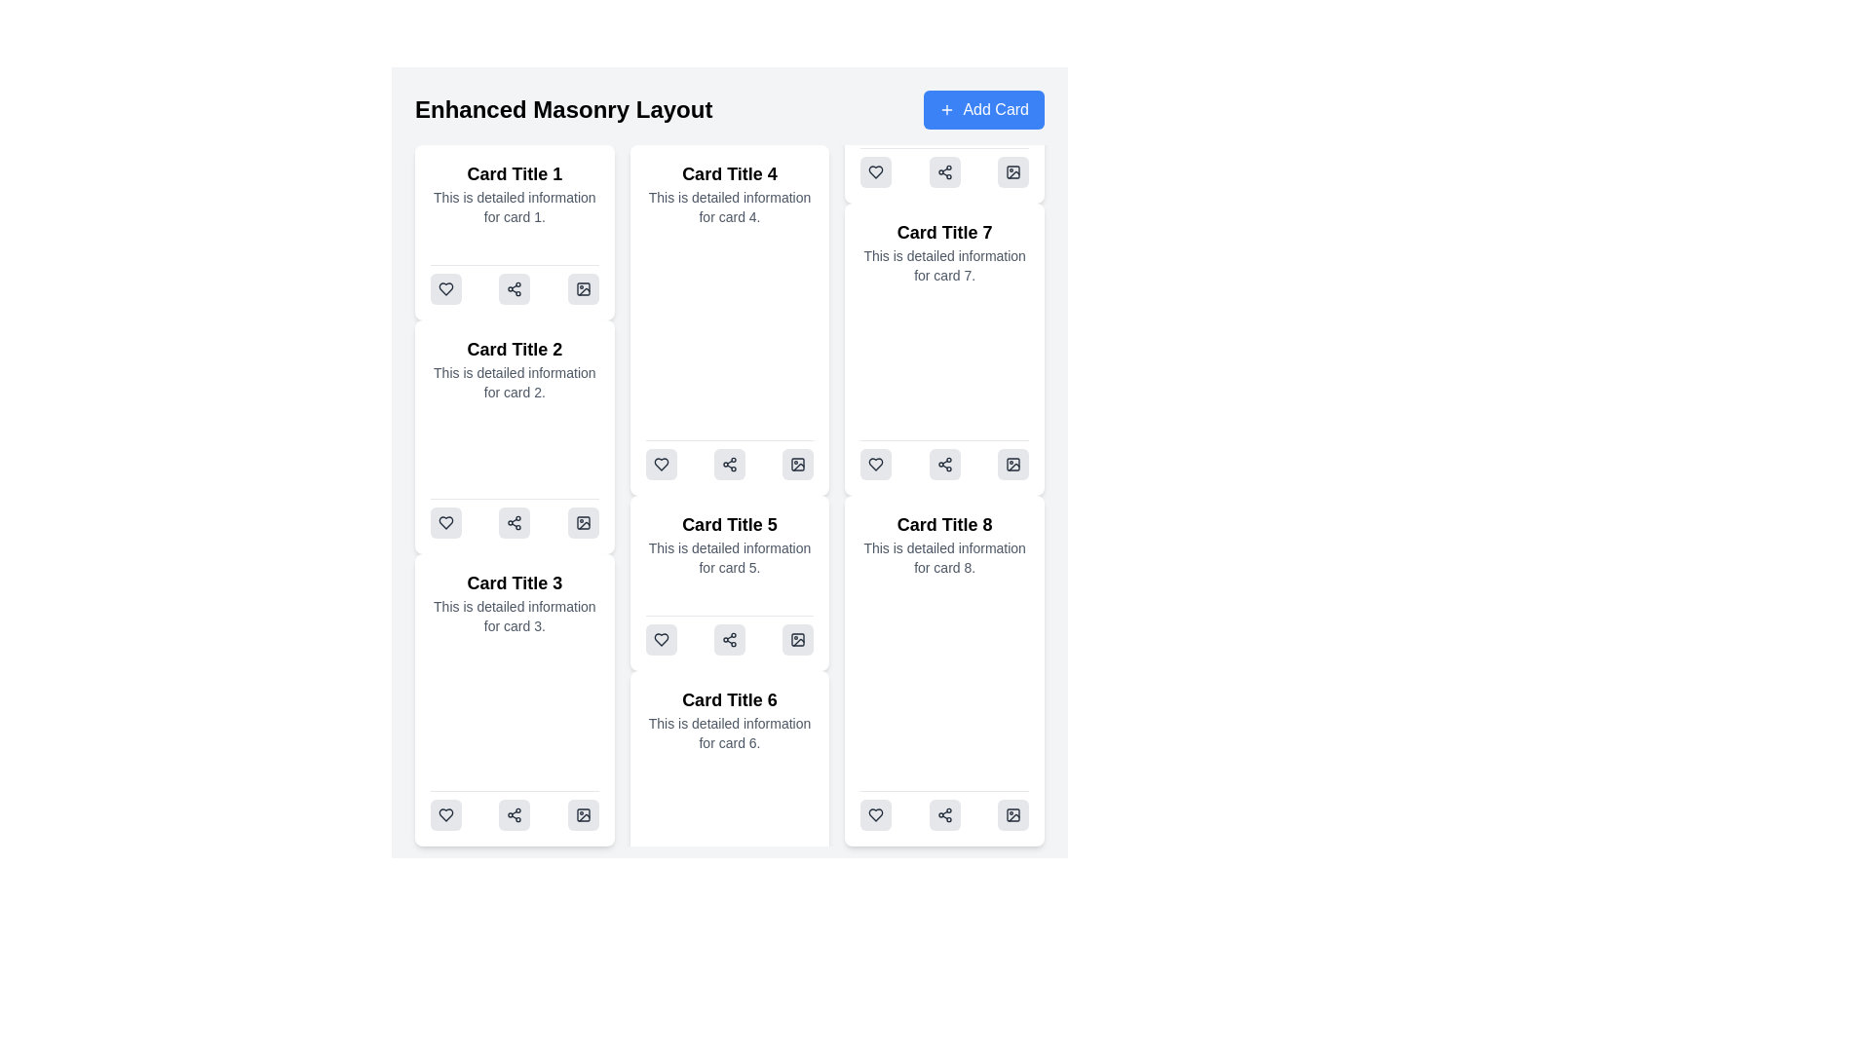 The image size is (1871, 1052). Describe the element at coordinates (728, 460) in the screenshot. I see `the share icon located in the Toolbar with action buttons beneath the 'Card Title 4'` at that location.